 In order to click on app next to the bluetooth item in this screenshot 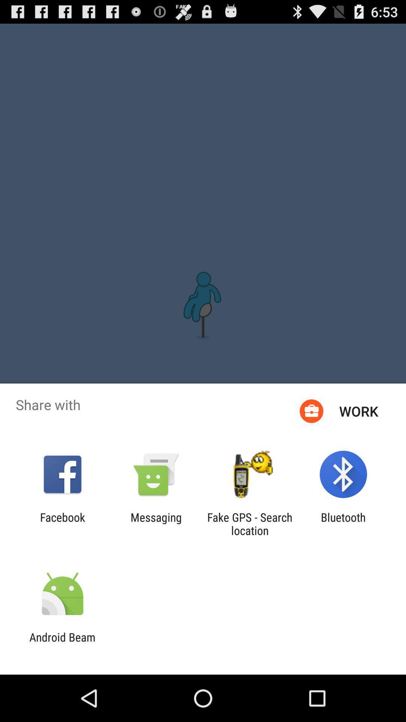, I will do `click(250, 523)`.